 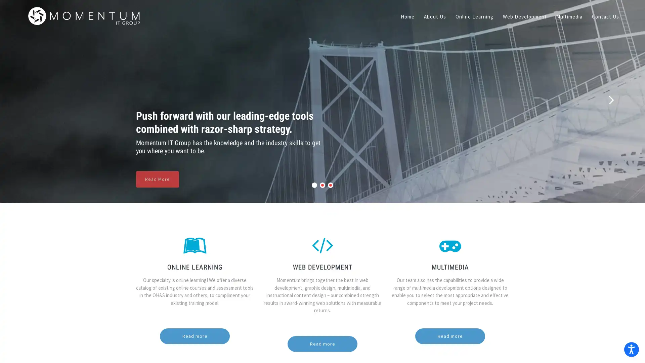 What do you see at coordinates (630, 348) in the screenshot?
I see `Open accessibility options, statement and help` at bounding box center [630, 348].